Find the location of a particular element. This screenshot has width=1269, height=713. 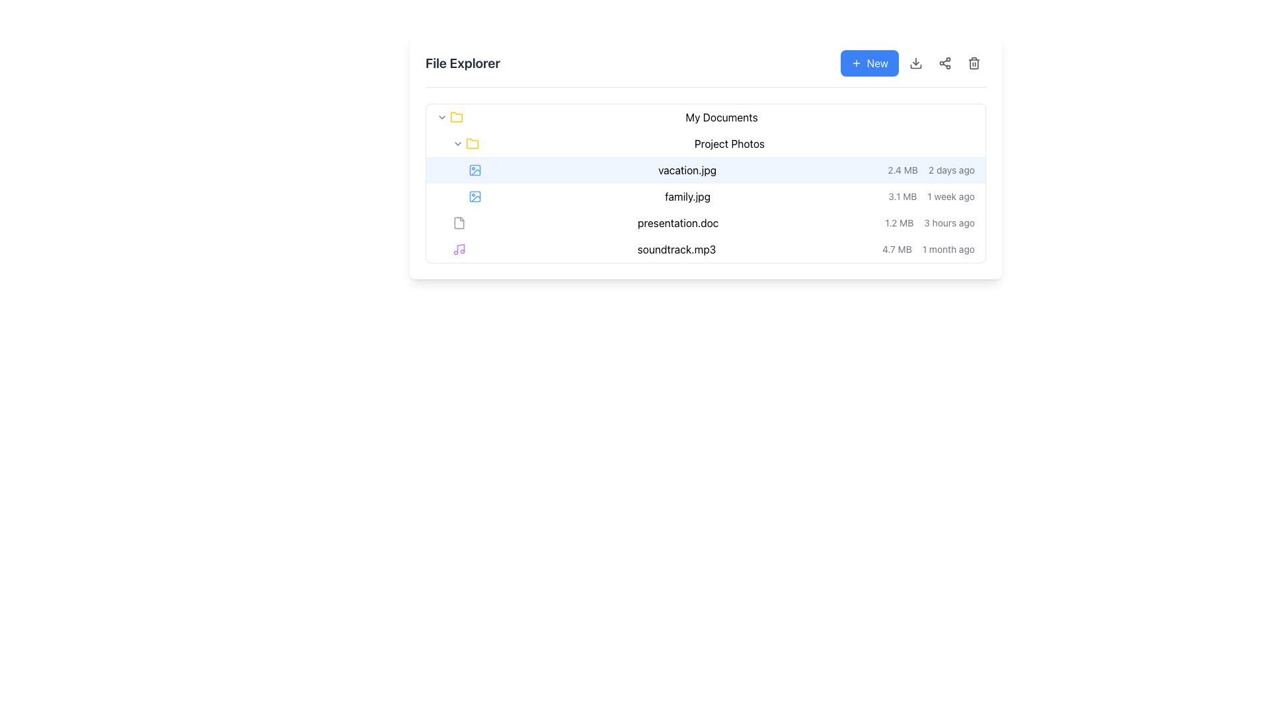

the rounded square SVG graphic element representing the 'vacation.jpg' file in the file explorer is located at coordinates (475, 196).